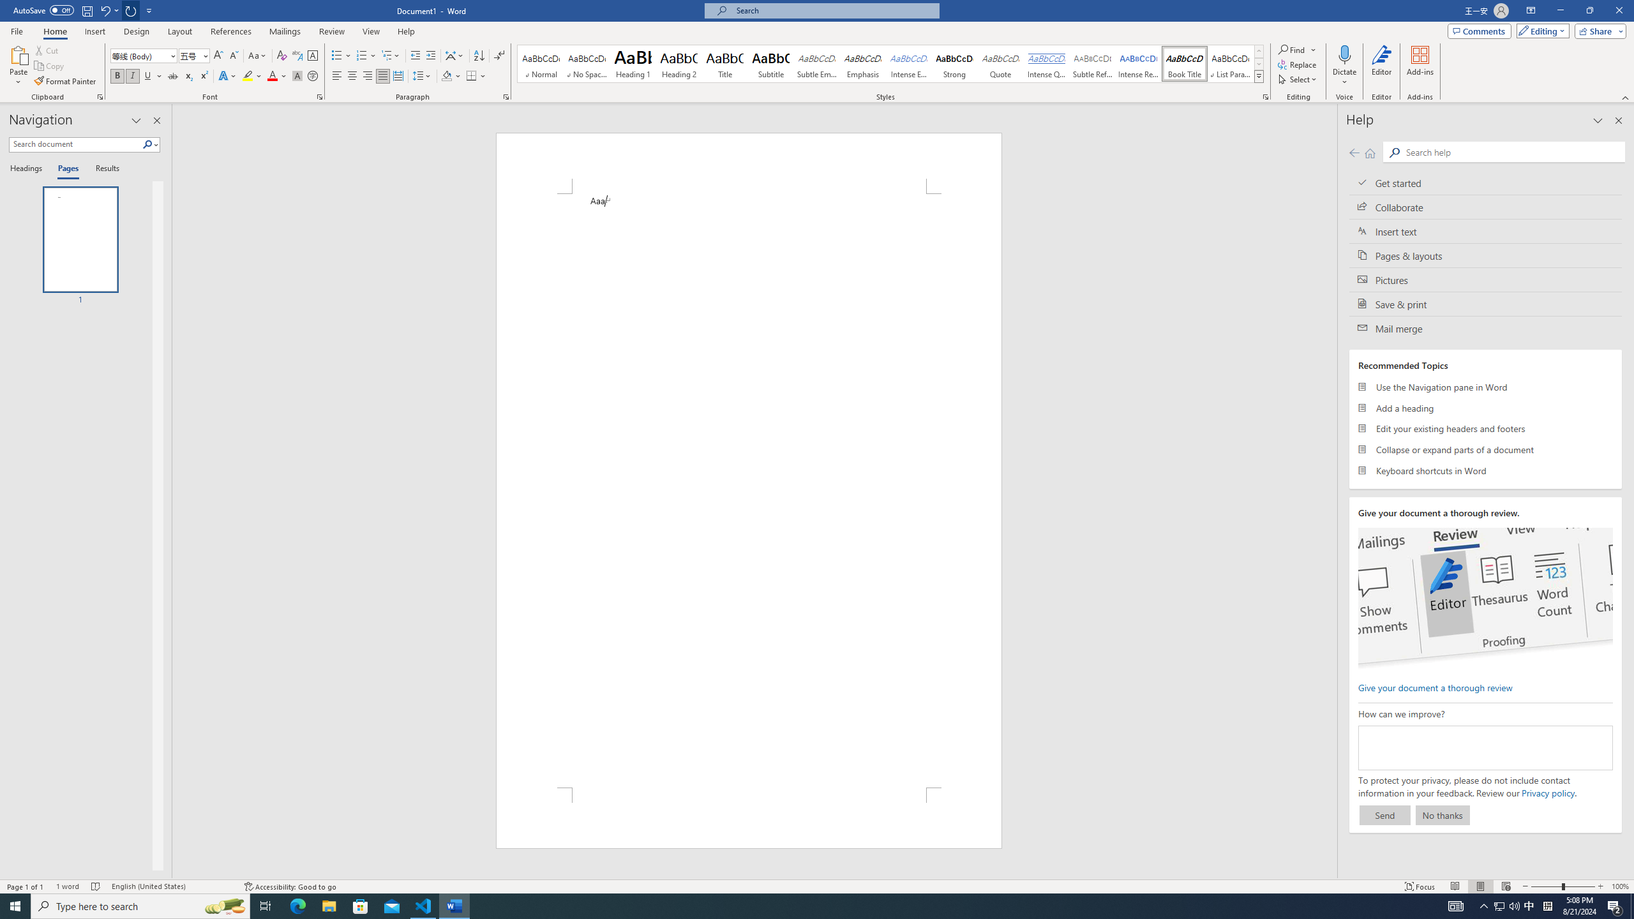 Image resolution: width=1634 pixels, height=919 pixels. What do you see at coordinates (1259, 76) in the screenshot?
I see `'Class: NetUIImage'` at bounding box center [1259, 76].